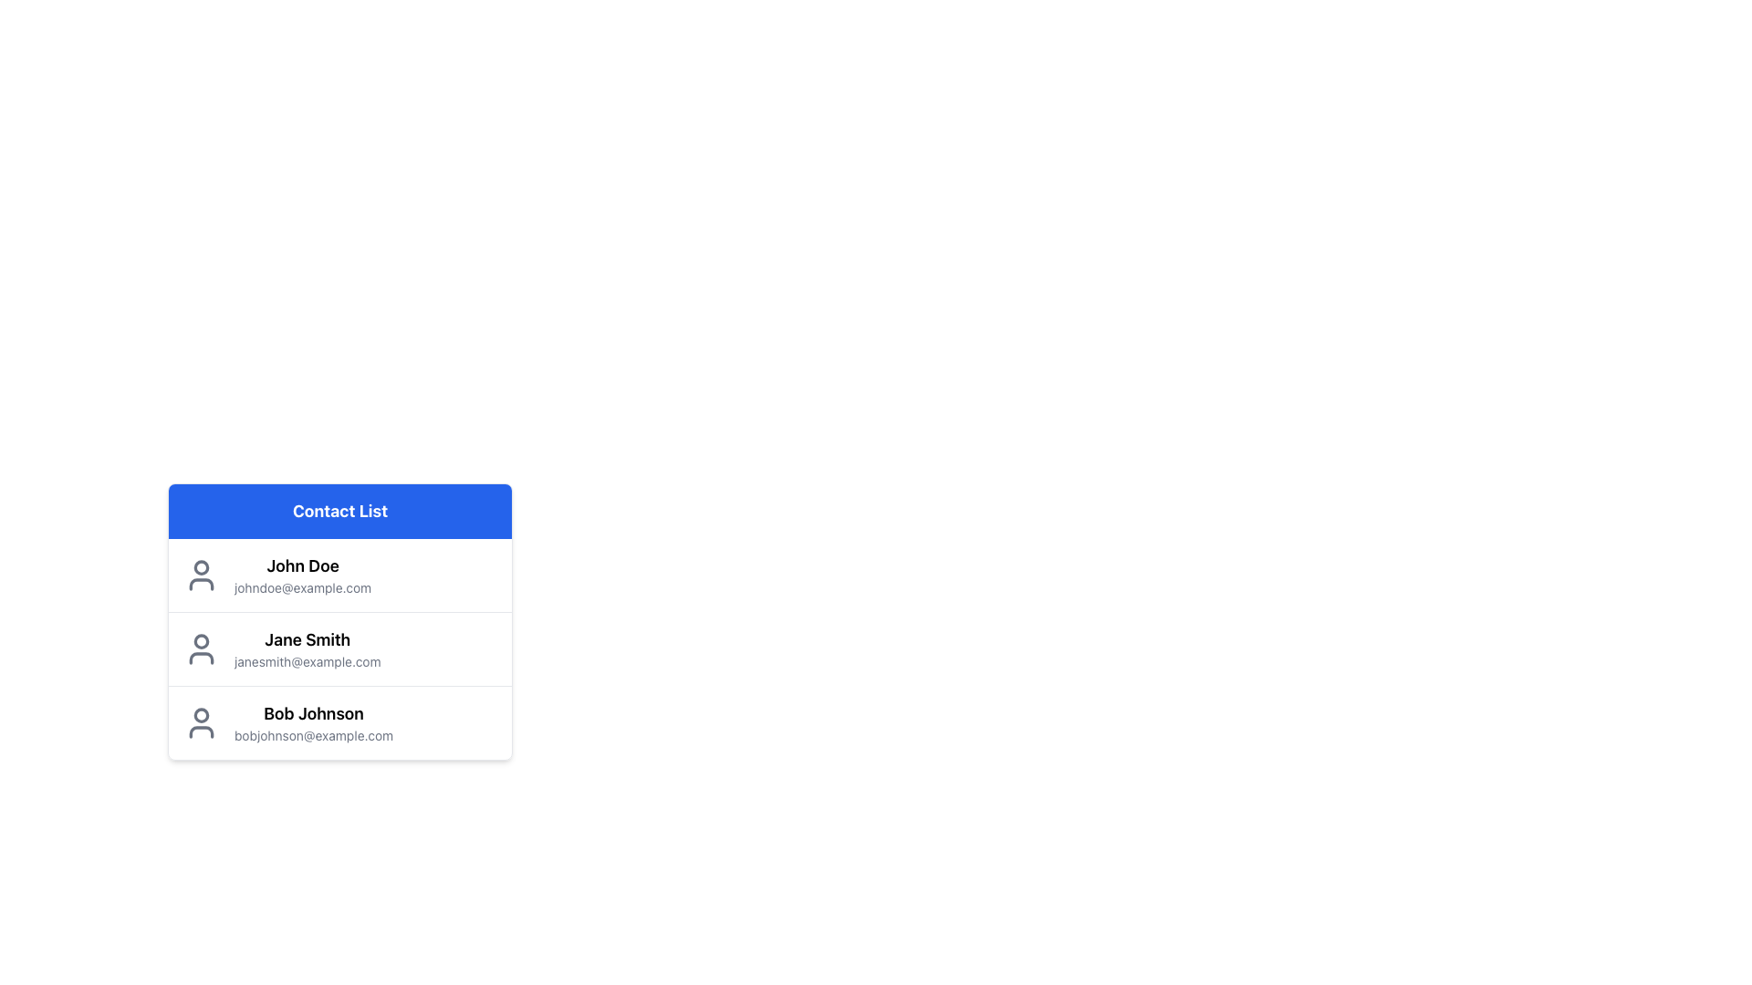 The image size is (1752, 985). I want to click on the contact entry displaying the name and email data, so click(307, 648).